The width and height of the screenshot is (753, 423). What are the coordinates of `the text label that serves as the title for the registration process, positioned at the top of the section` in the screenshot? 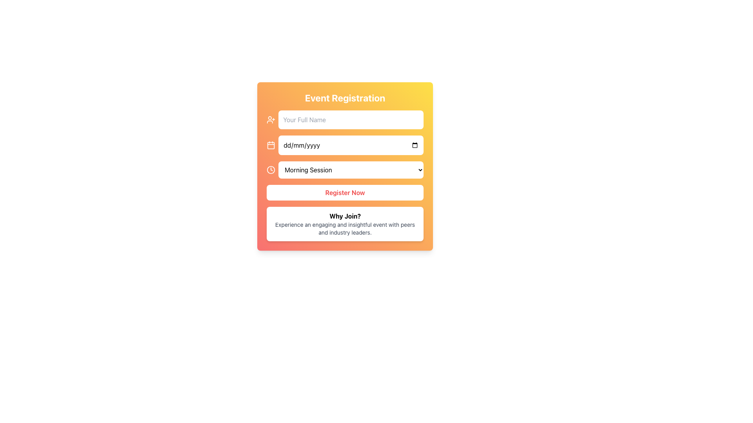 It's located at (345, 98).